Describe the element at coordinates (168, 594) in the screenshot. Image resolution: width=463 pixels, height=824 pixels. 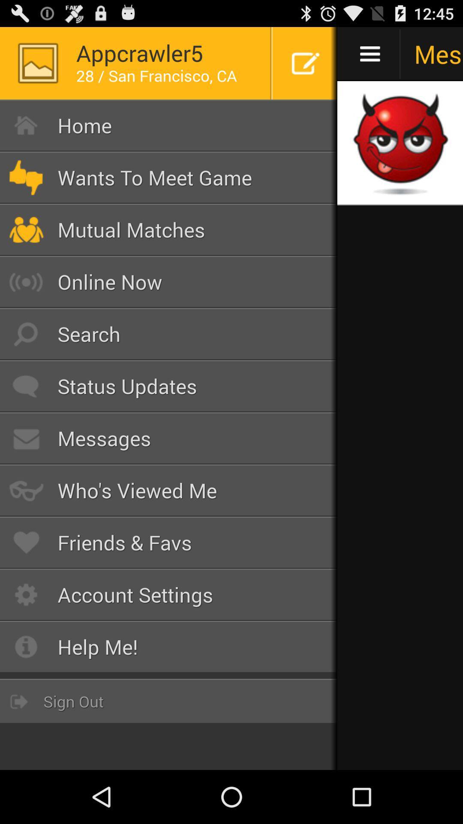
I see `the account settings icon` at that location.